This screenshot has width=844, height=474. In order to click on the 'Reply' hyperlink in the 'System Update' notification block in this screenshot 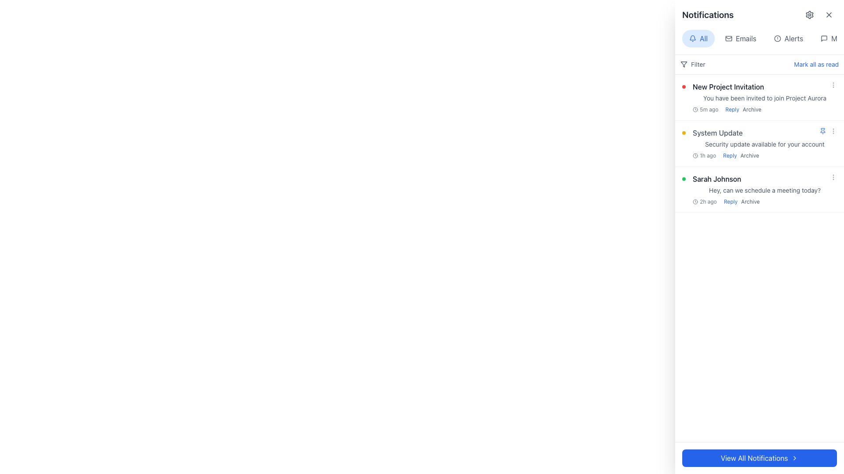, I will do `click(730, 155)`.